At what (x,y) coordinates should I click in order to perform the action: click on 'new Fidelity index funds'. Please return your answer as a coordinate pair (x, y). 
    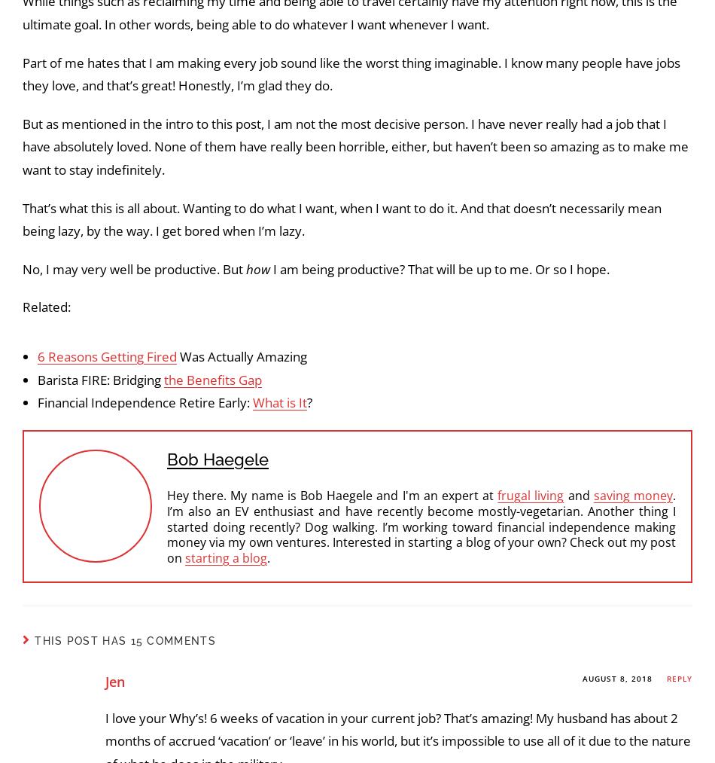
    Looking at the image, I should click on (325, 183).